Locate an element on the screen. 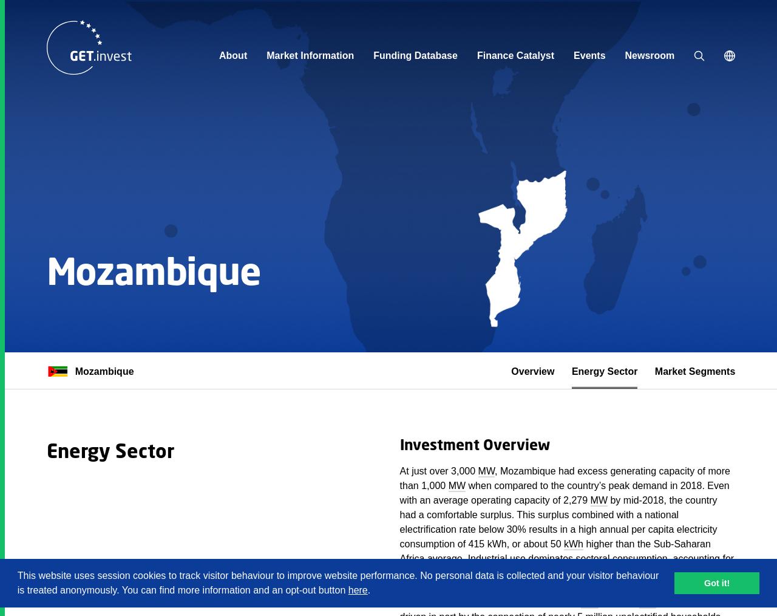 Image resolution: width=777 pixels, height=616 pixels. 'to 2,750' is located at coordinates (618, 602).